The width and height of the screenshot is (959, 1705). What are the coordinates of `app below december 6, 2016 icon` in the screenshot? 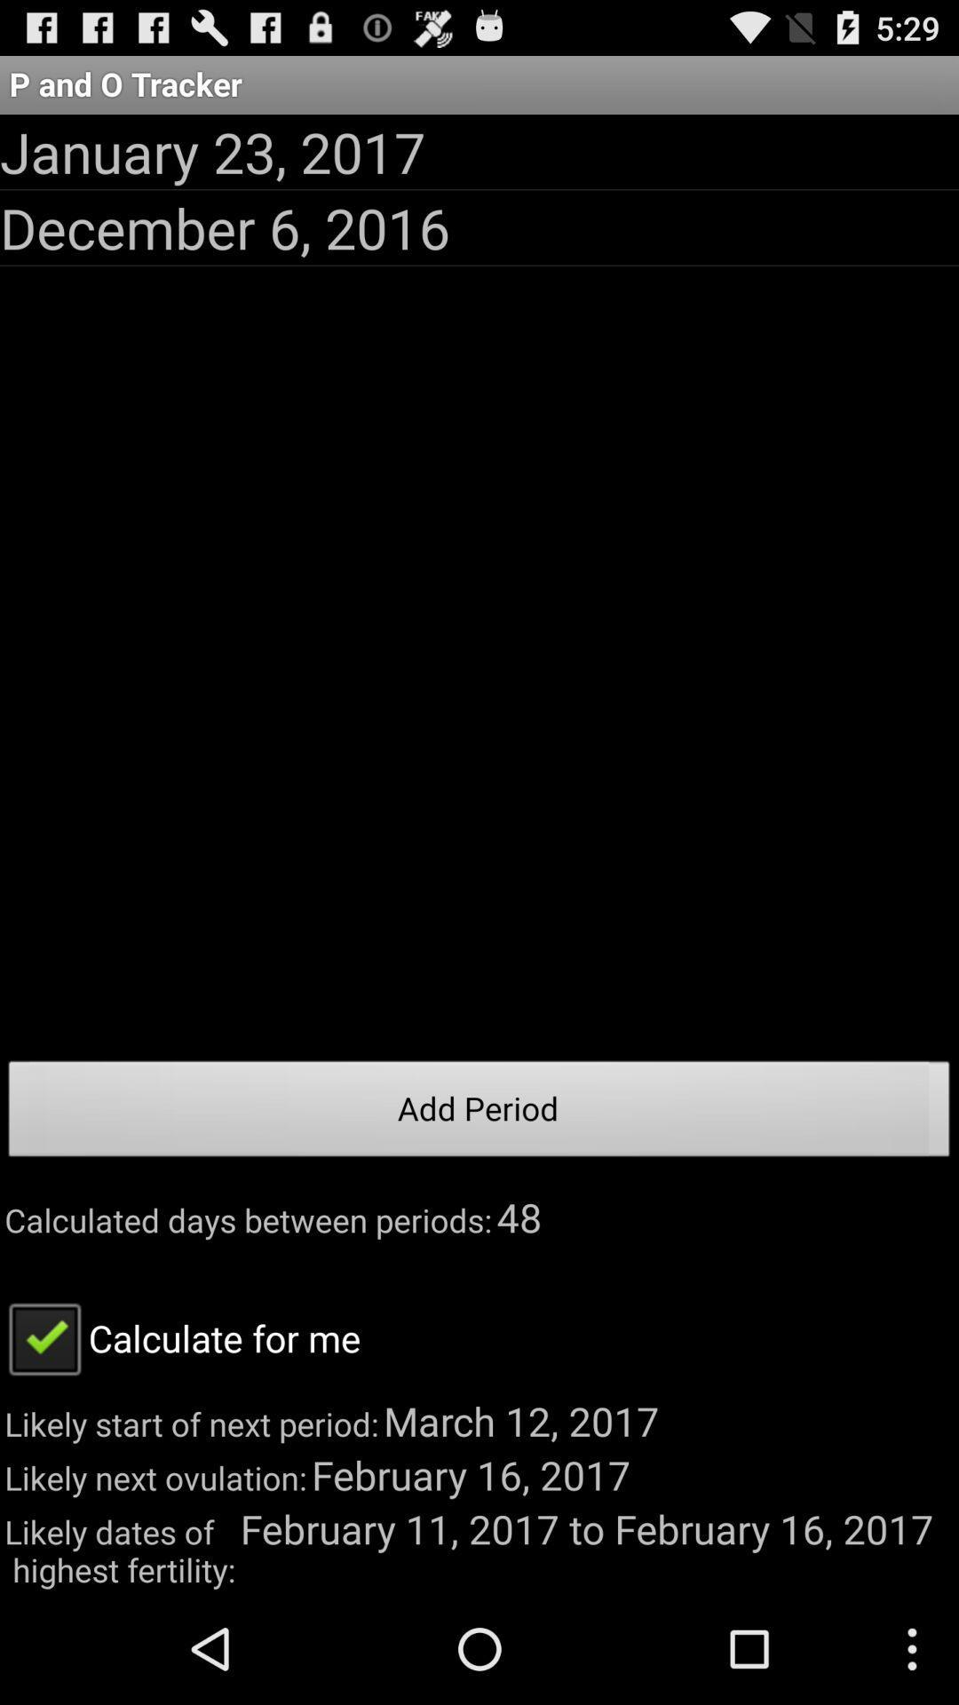 It's located at (479, 1113).